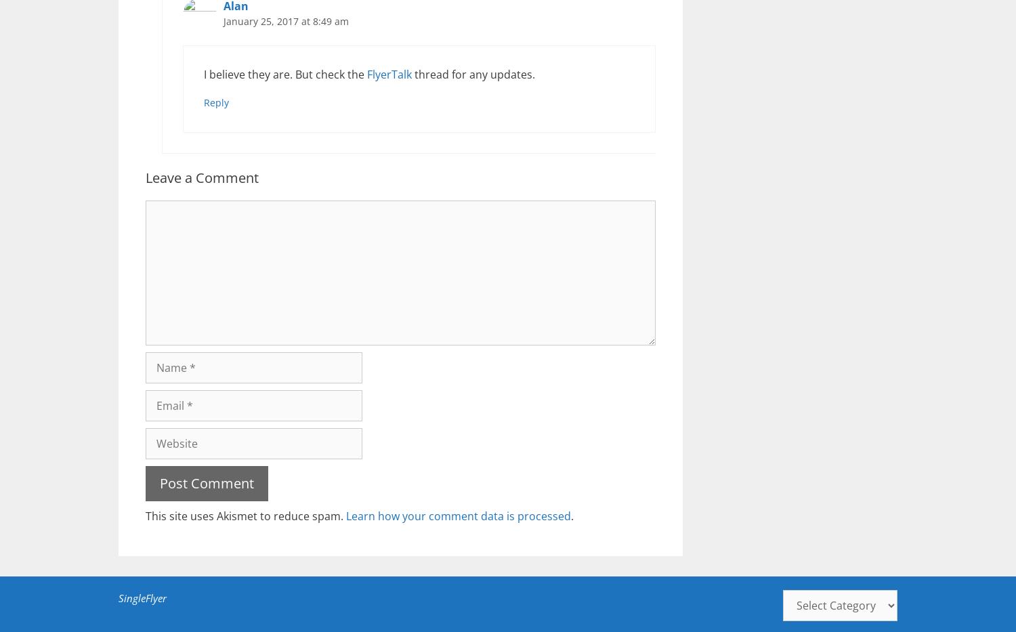  Describe the element at coordinates (473, 72) in the screenshot. I see `'thread for any updates.'` at that location.